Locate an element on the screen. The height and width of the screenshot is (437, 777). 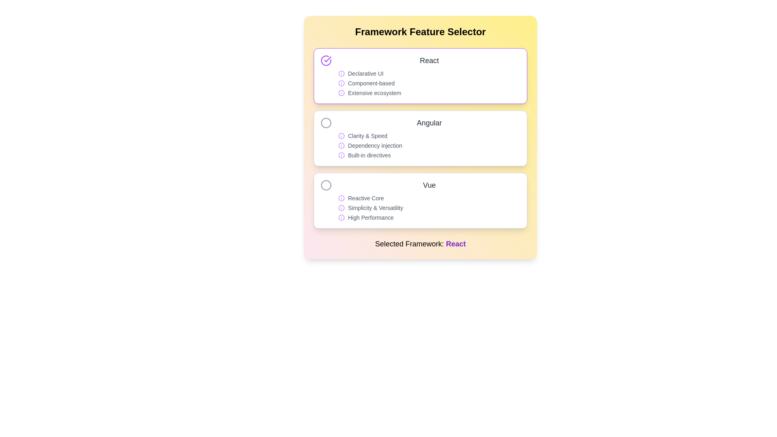
the SVG circle element that serves as a visual indicator in the React option box, located to the left of the text 'Declarative UI' is located at coordinates (342, 217).